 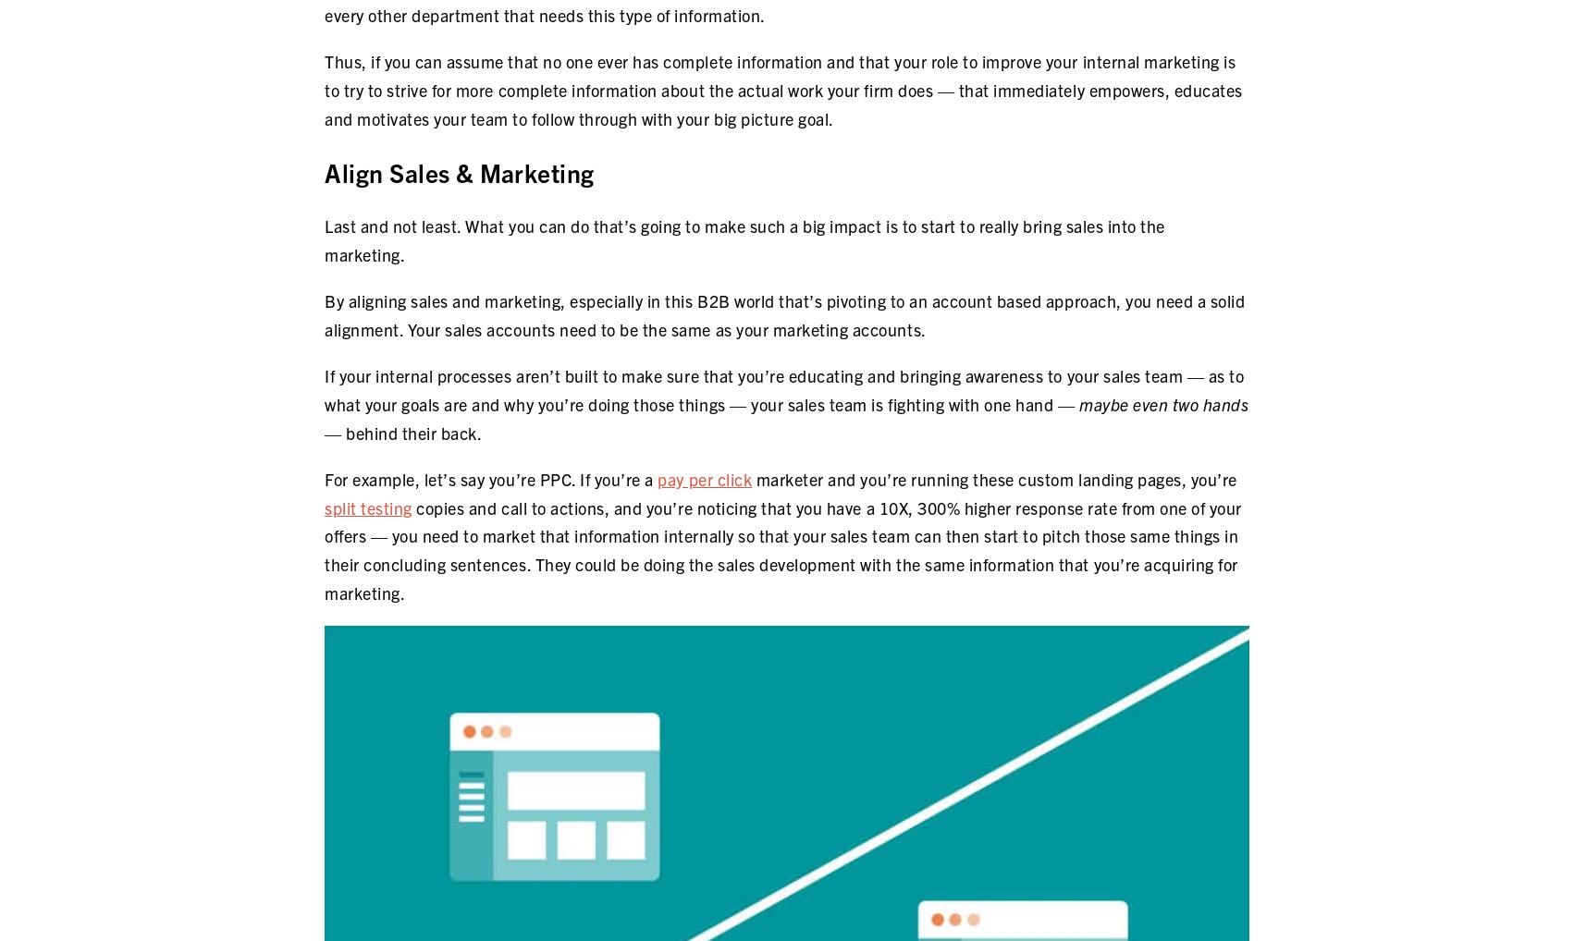 I want to click on 'If your internal processes aren’t built to make sure that you’re educating and bringing awareness to your sales team — as to what your goals are and why you’re doing those things — your sales team is fighting with one hand —', so click(x=782, y=388).